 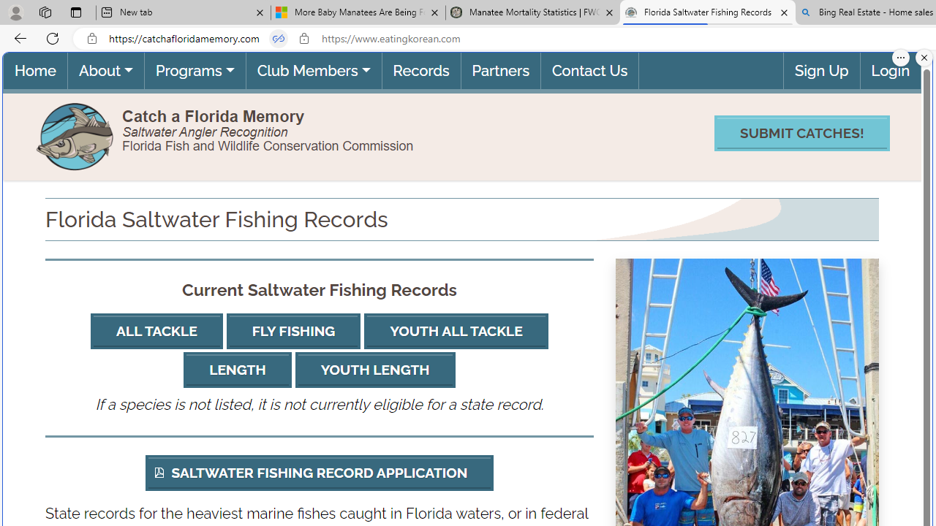 I want to click on 'SALTWATER FISHING RECORD APPLICATION', so click(x=318, y=472).